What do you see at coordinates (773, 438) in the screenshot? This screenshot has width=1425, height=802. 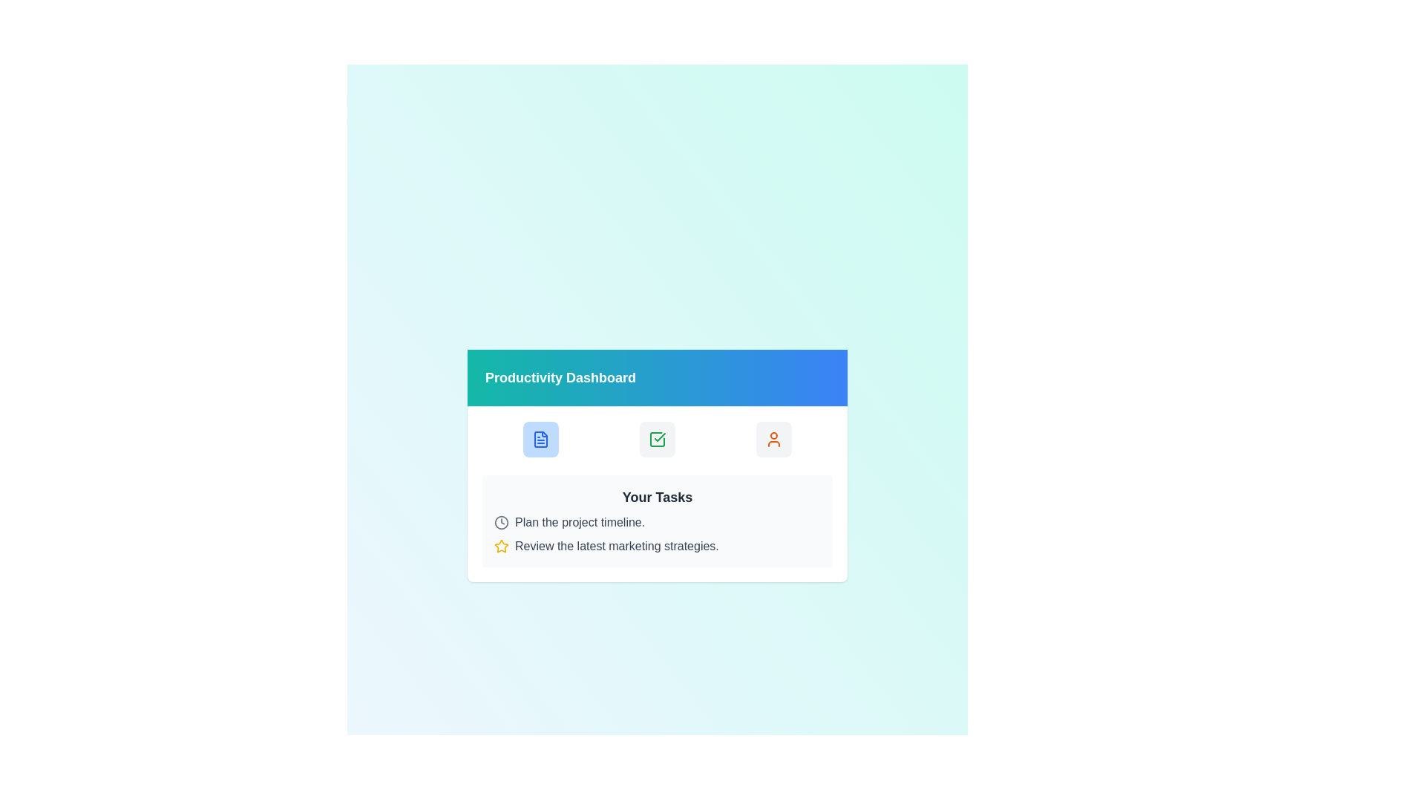 I see `the button located at the bottom of the Productivity Dashboard, which is the last in a sequence of three buttons` at bounding box center [773, 438].